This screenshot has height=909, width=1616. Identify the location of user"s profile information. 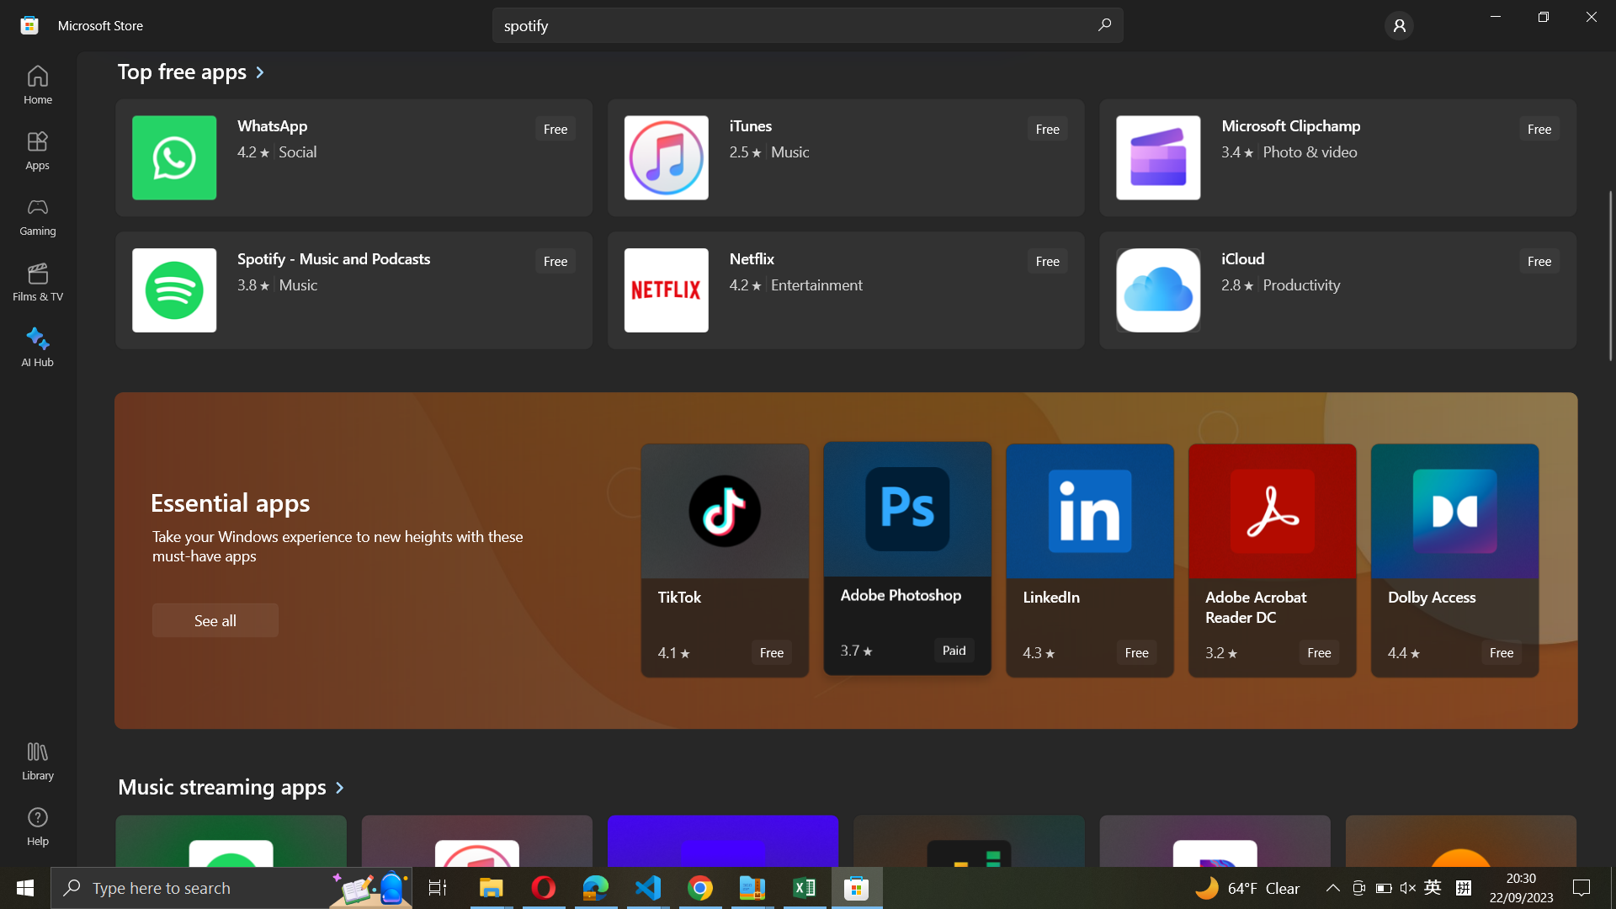
(1399, 24).